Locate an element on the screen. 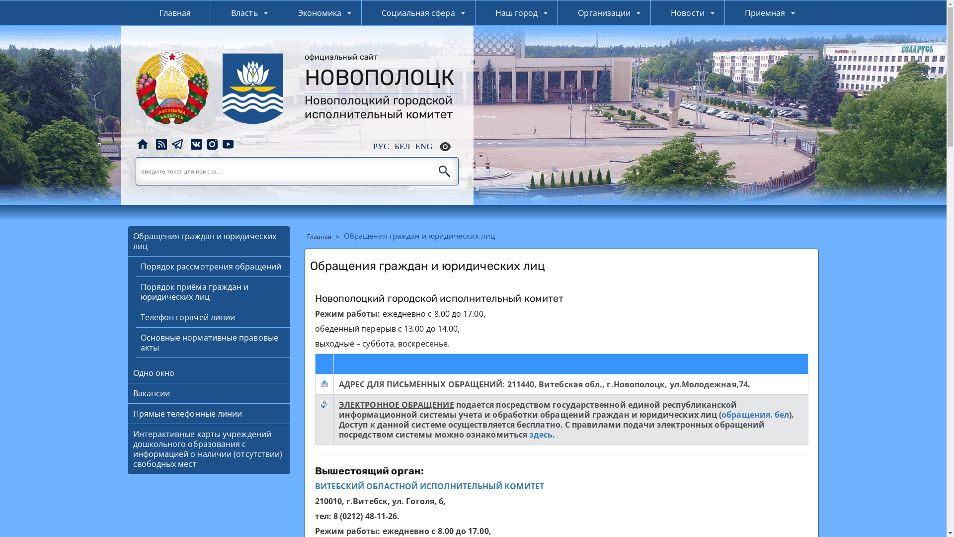 This screenshot has width=954, height=537. 'VK' is located at coordinates (188, 143).